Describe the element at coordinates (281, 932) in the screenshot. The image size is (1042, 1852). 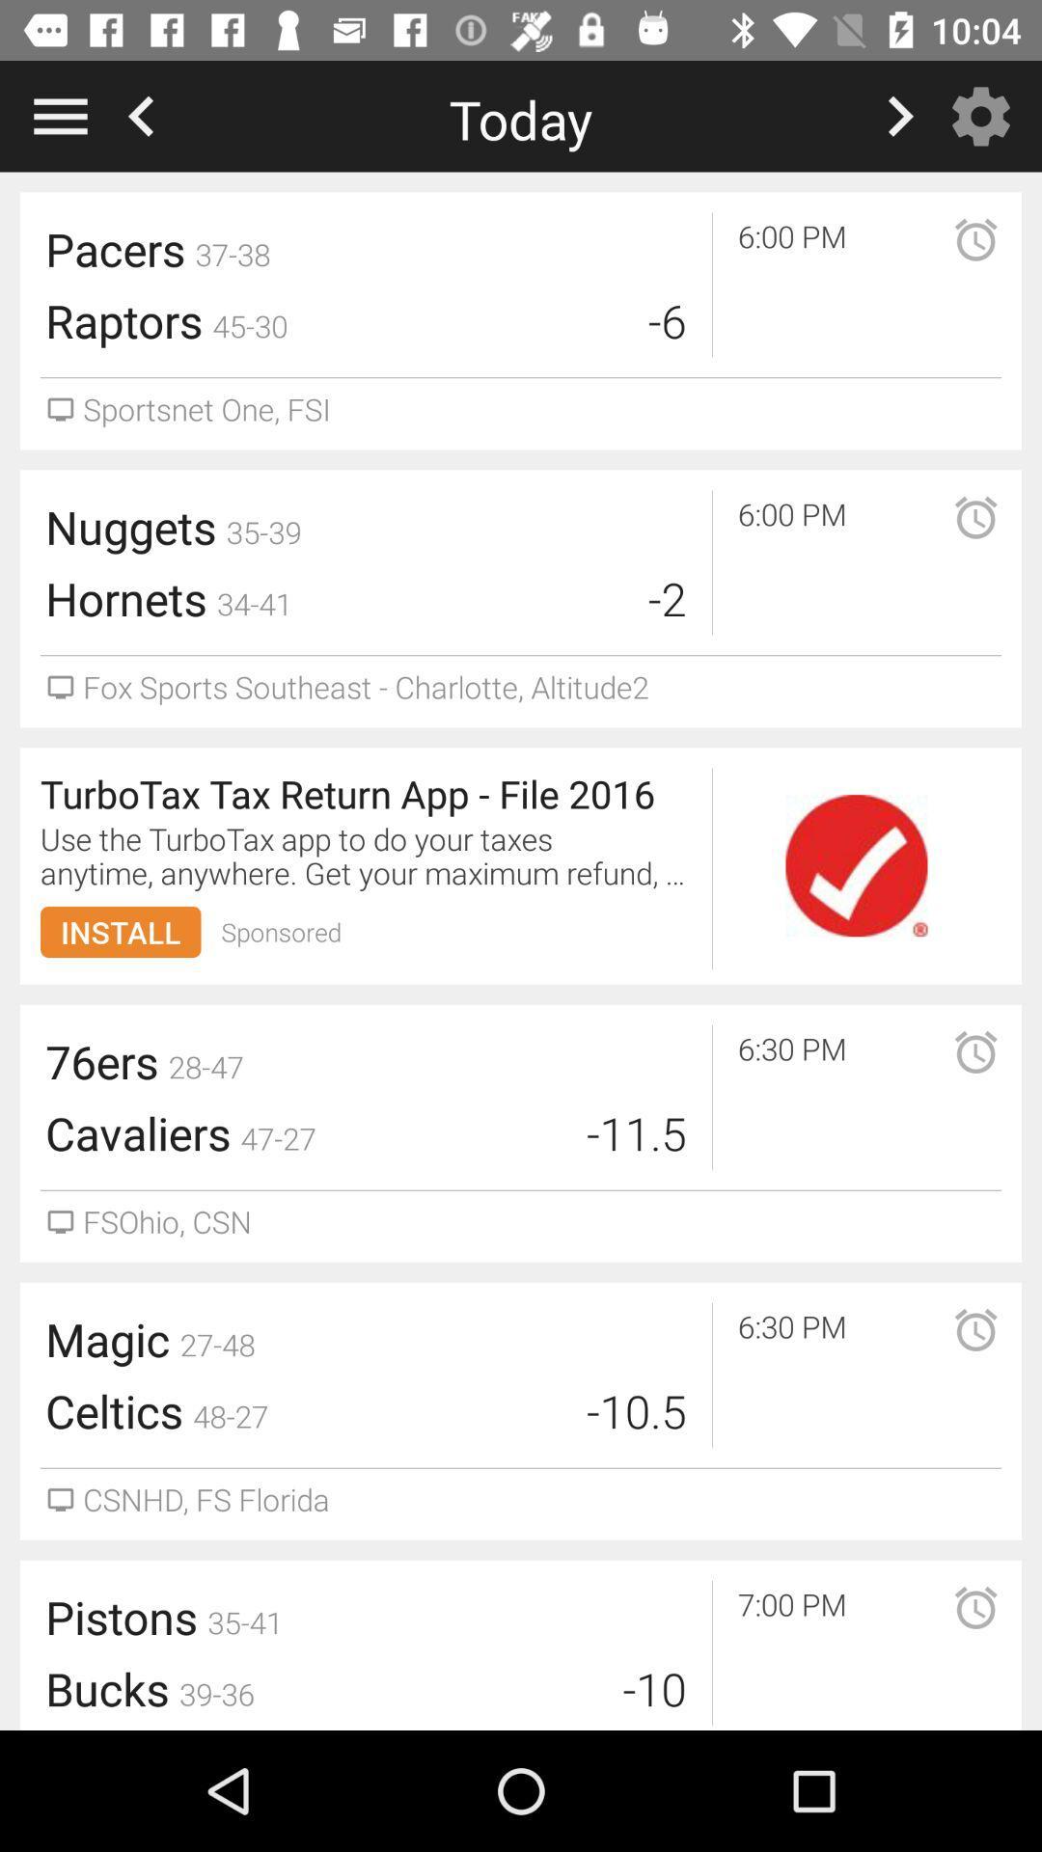
I see `sponsored item` at that location.